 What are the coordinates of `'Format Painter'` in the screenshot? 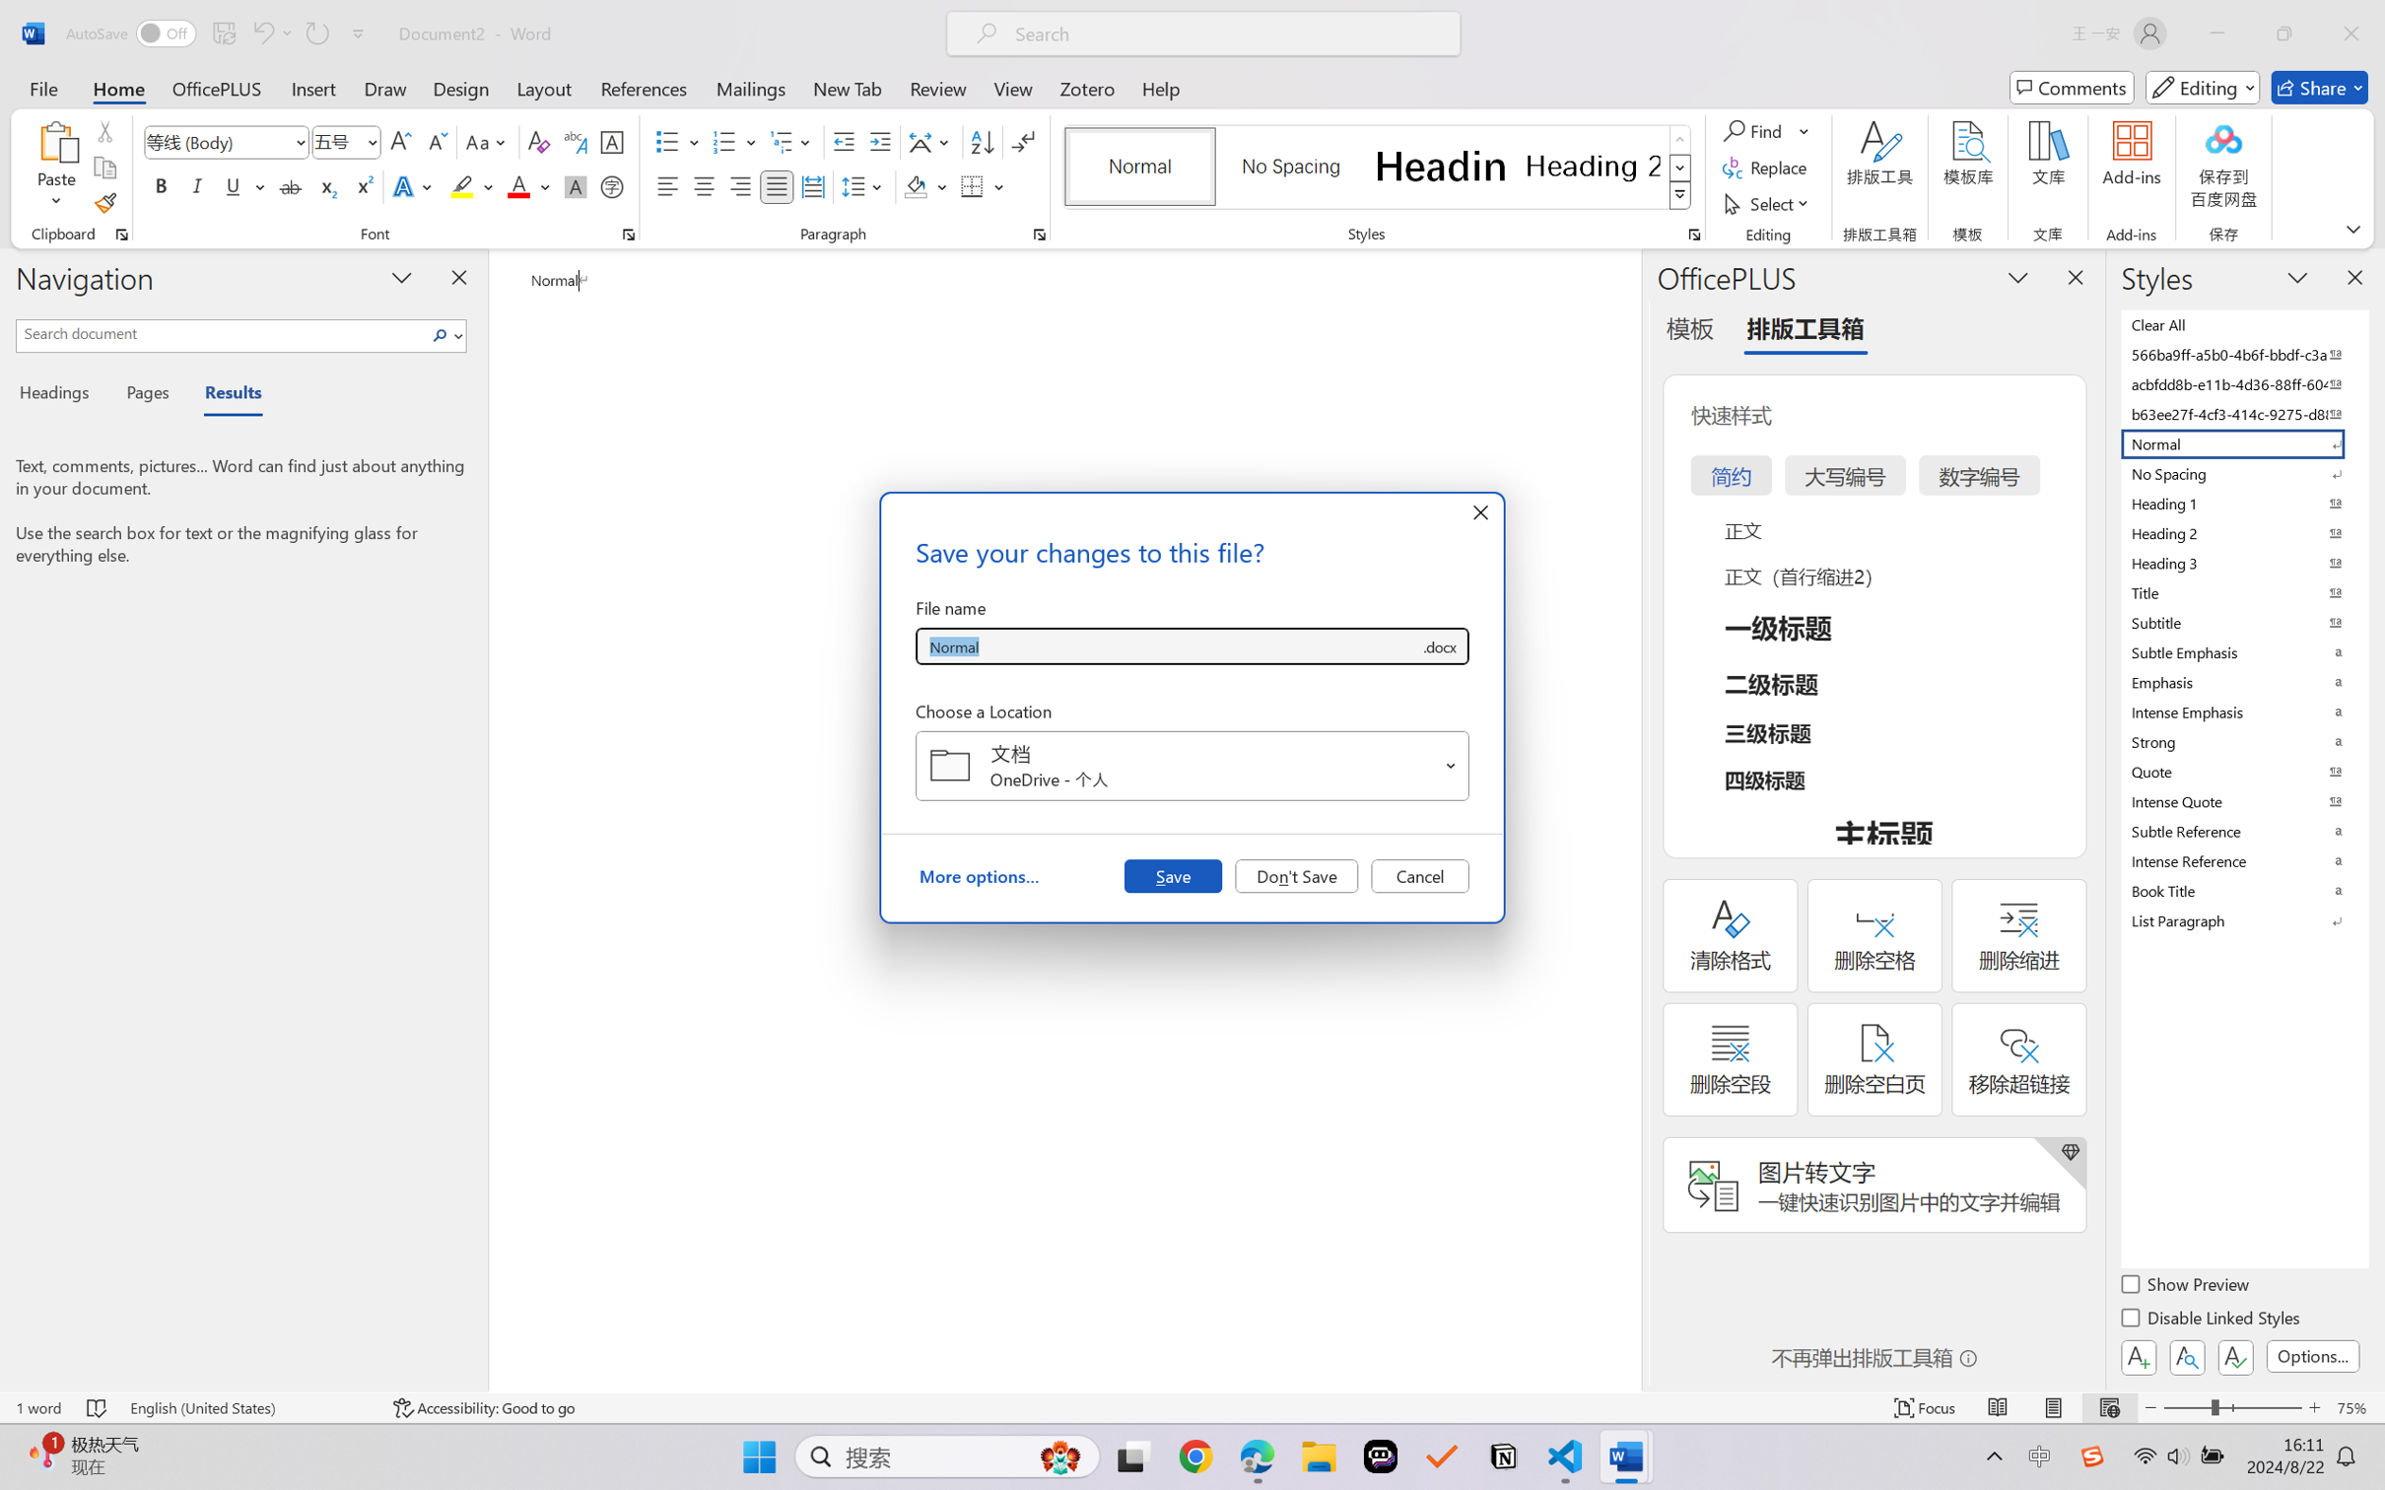 It's located at (103, 204).